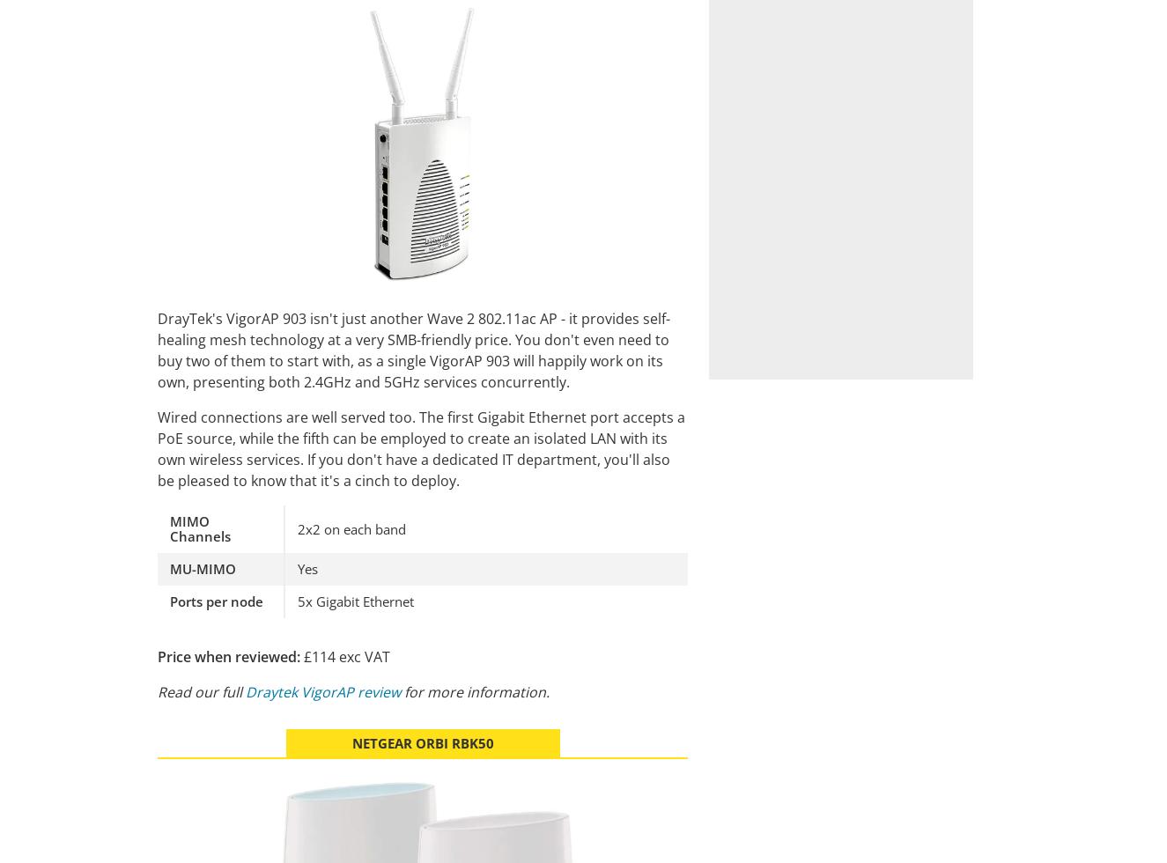  Describe the element at coordinates (351, 527) in the screenshot. I see `'2x2 on each band'` at that location.